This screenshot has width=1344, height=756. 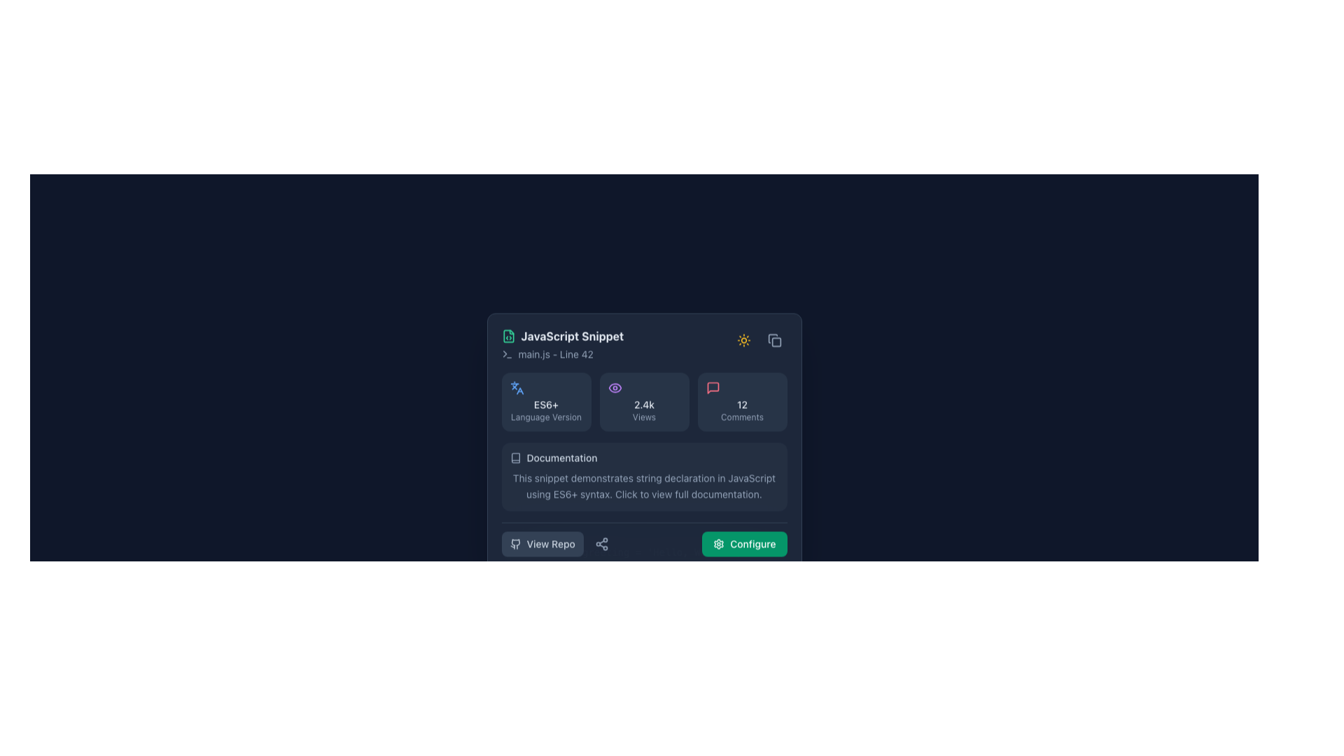 What do you see at coordinates (506, 353) in the screenshot?
I see `the SVG icon representing a terminal or command-line interface, which is located to the immediate left of the text 'main.js - Line 42'` at bounding box center [506, 353].